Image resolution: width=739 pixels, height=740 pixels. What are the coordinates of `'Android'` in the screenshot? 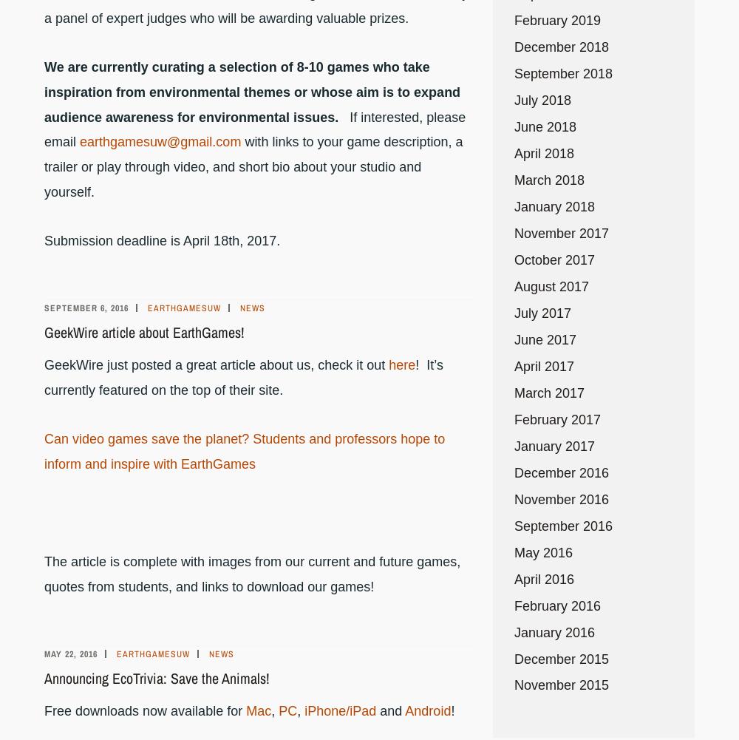 It's located at (427, 709).